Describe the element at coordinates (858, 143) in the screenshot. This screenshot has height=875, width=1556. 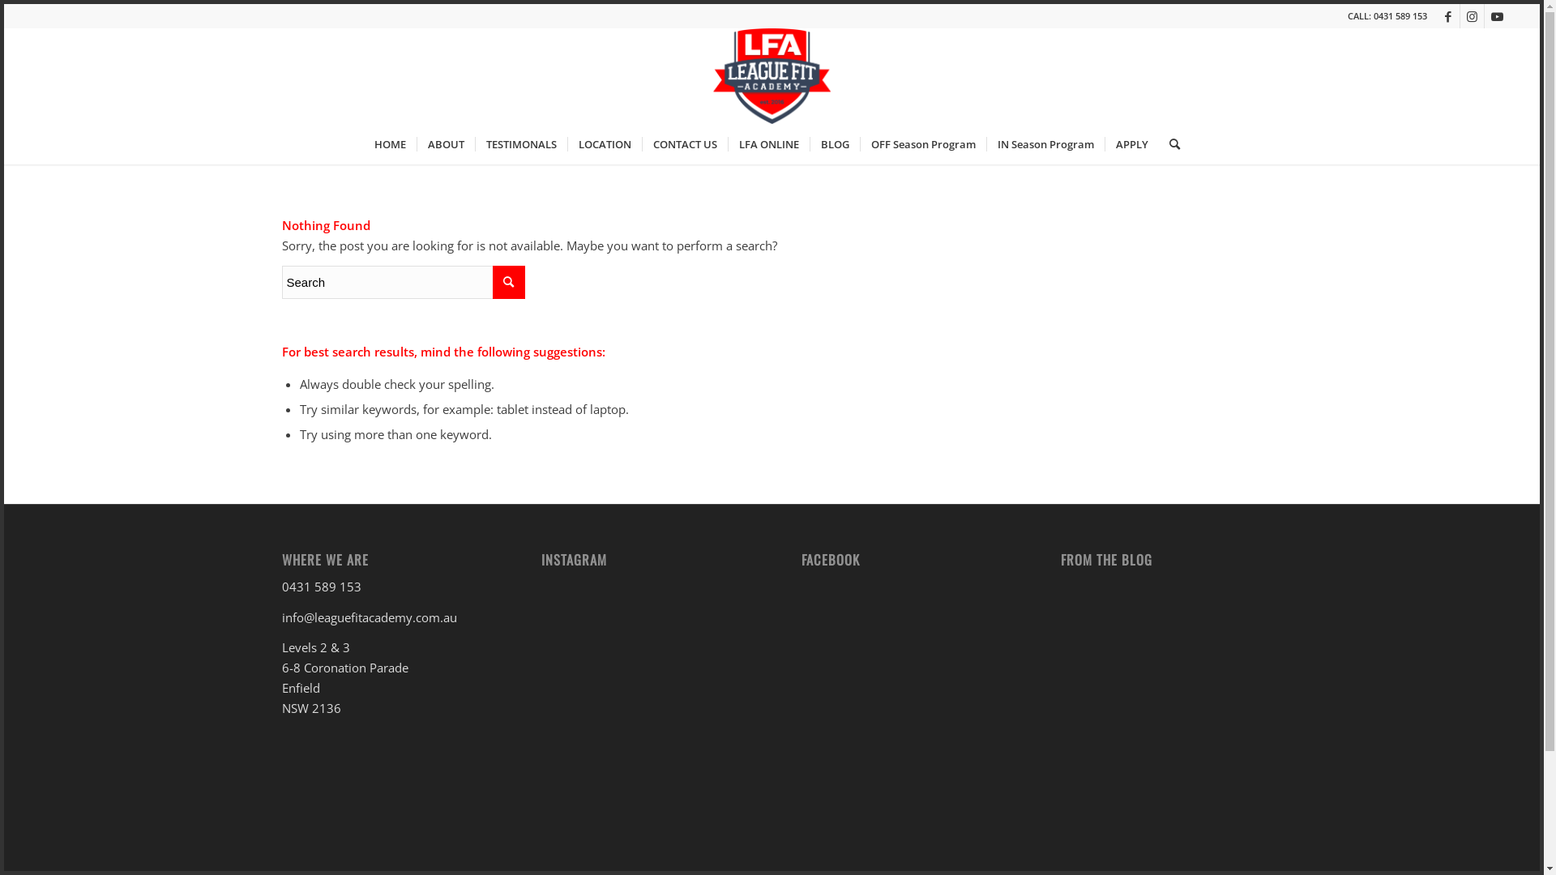
I see `'OFF Season Program'` at that location.